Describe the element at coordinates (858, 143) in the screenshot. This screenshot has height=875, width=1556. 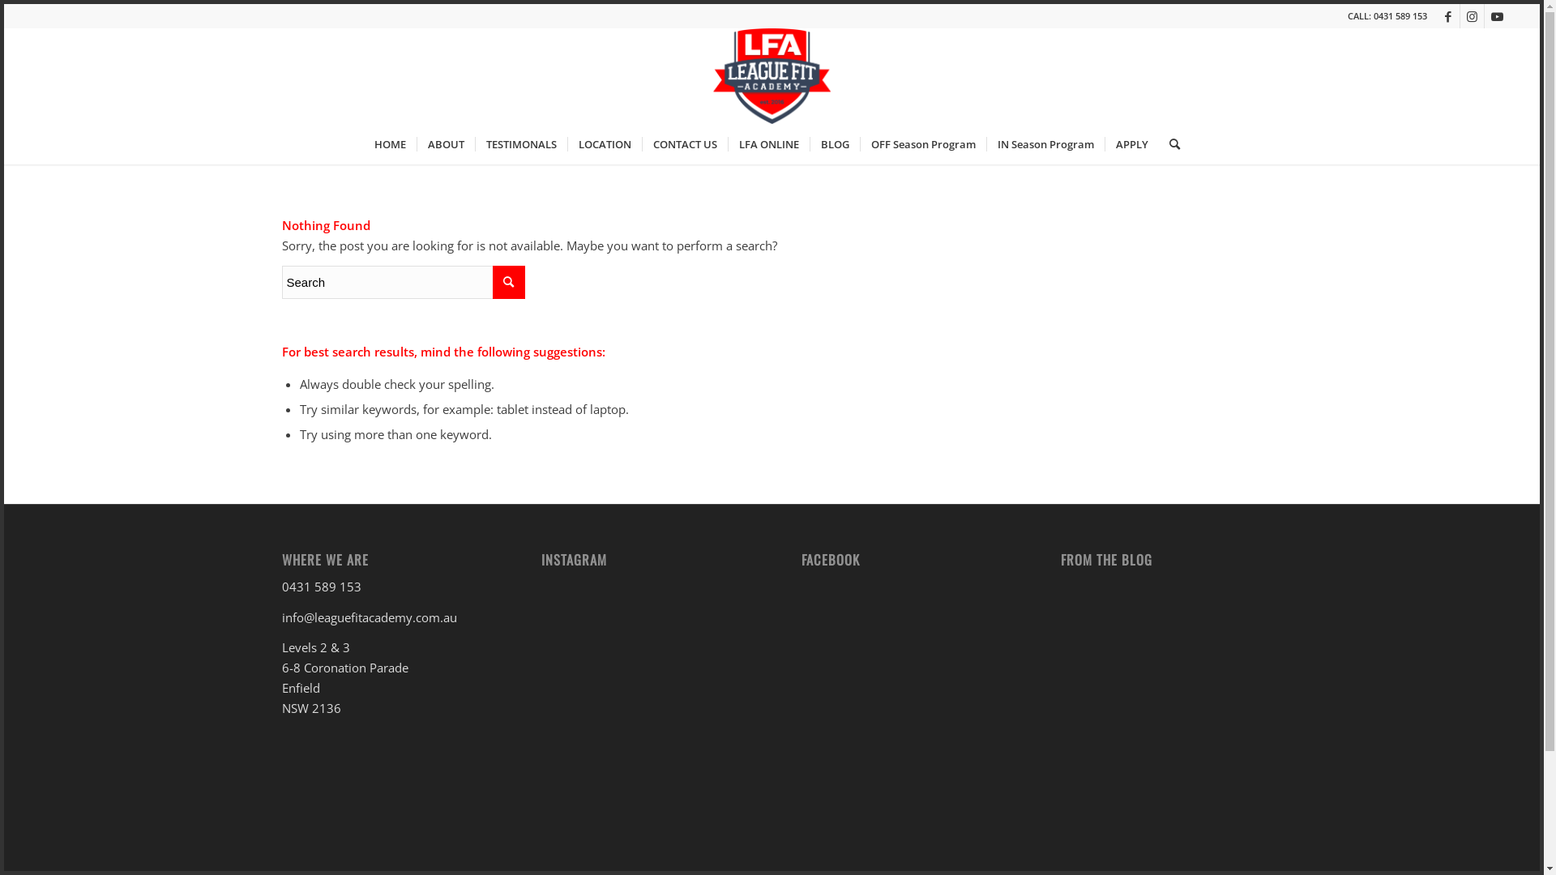
I see `'OFF Season Program'` at that location.